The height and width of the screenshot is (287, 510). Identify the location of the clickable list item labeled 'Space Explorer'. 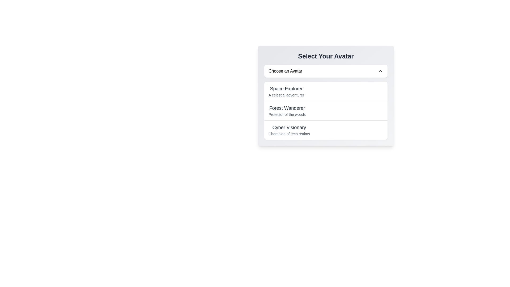
(326, 91).